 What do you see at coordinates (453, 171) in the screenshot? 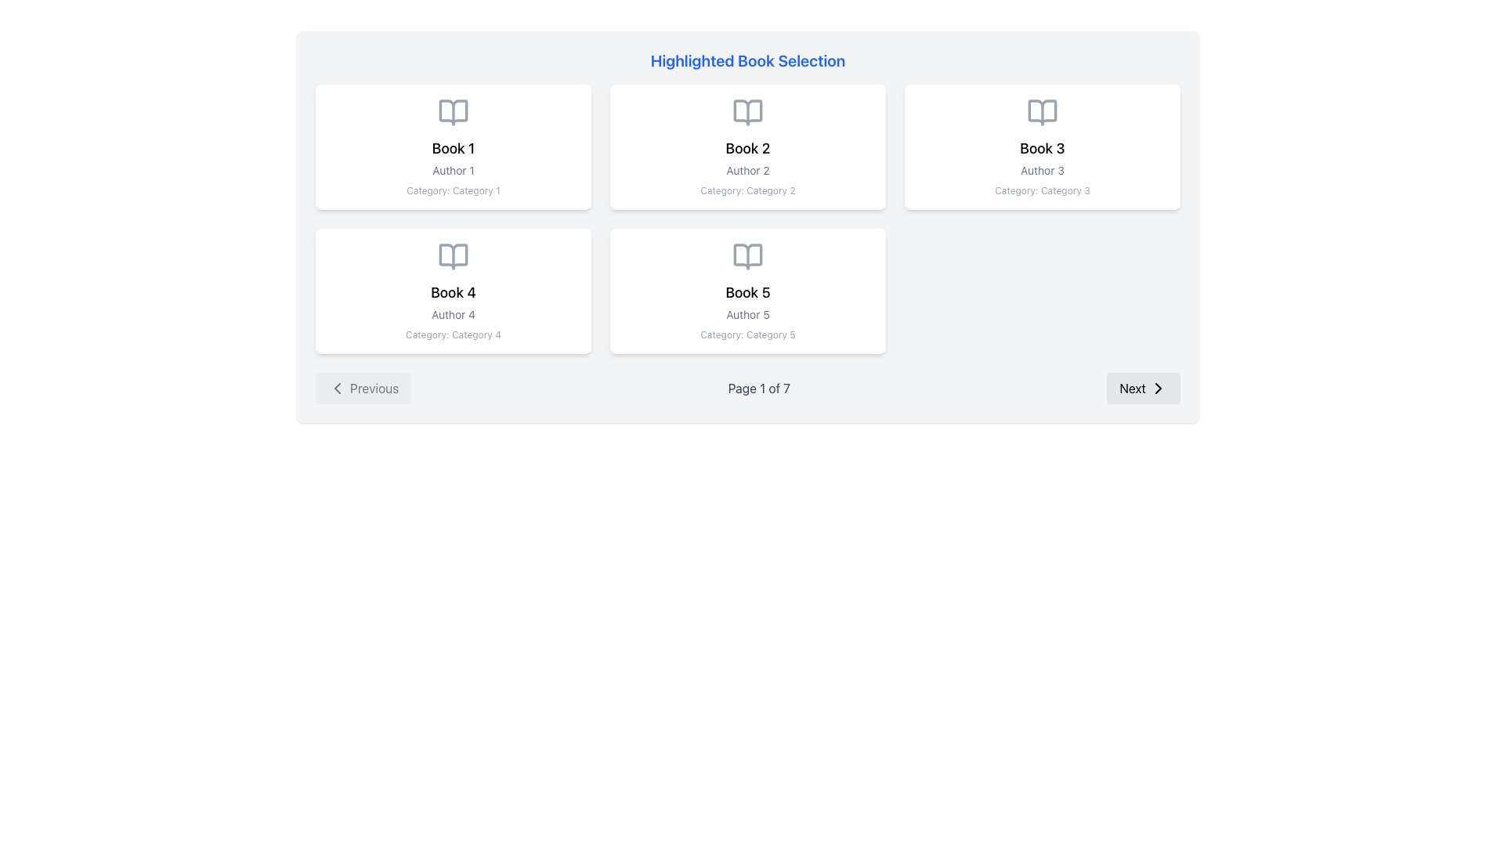
I see `the text label displaying 'Author 1', located below the title 'Book 1' in the top-left box of the grid layout` at bounding box center [453, 171].